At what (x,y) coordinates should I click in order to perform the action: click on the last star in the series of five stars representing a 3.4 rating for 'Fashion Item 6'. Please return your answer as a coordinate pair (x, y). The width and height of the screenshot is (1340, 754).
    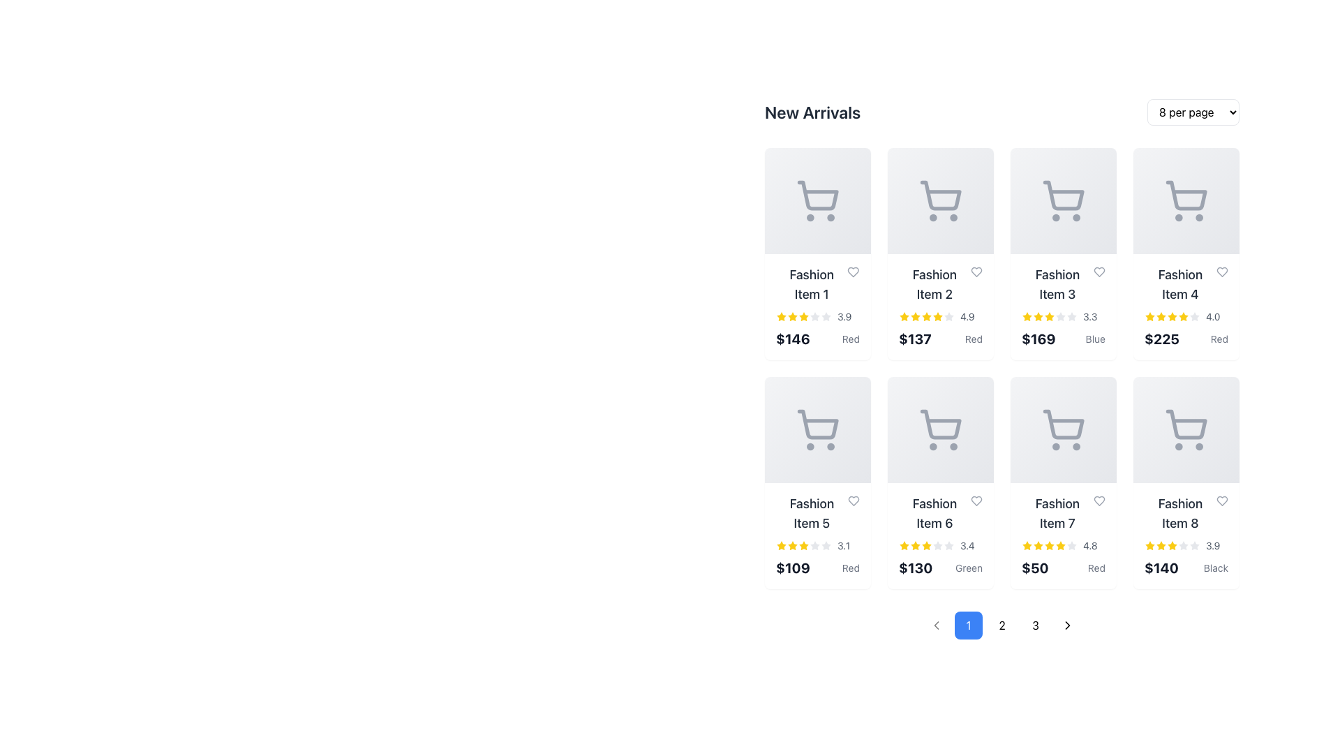
    Looking at the image, I should click on (948, 545).